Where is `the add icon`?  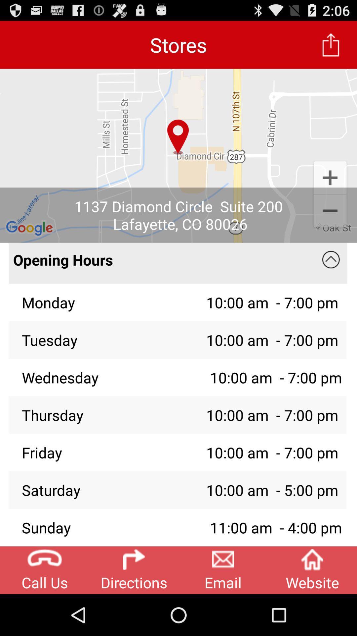 the add icon is located at coordinates (330, 189).